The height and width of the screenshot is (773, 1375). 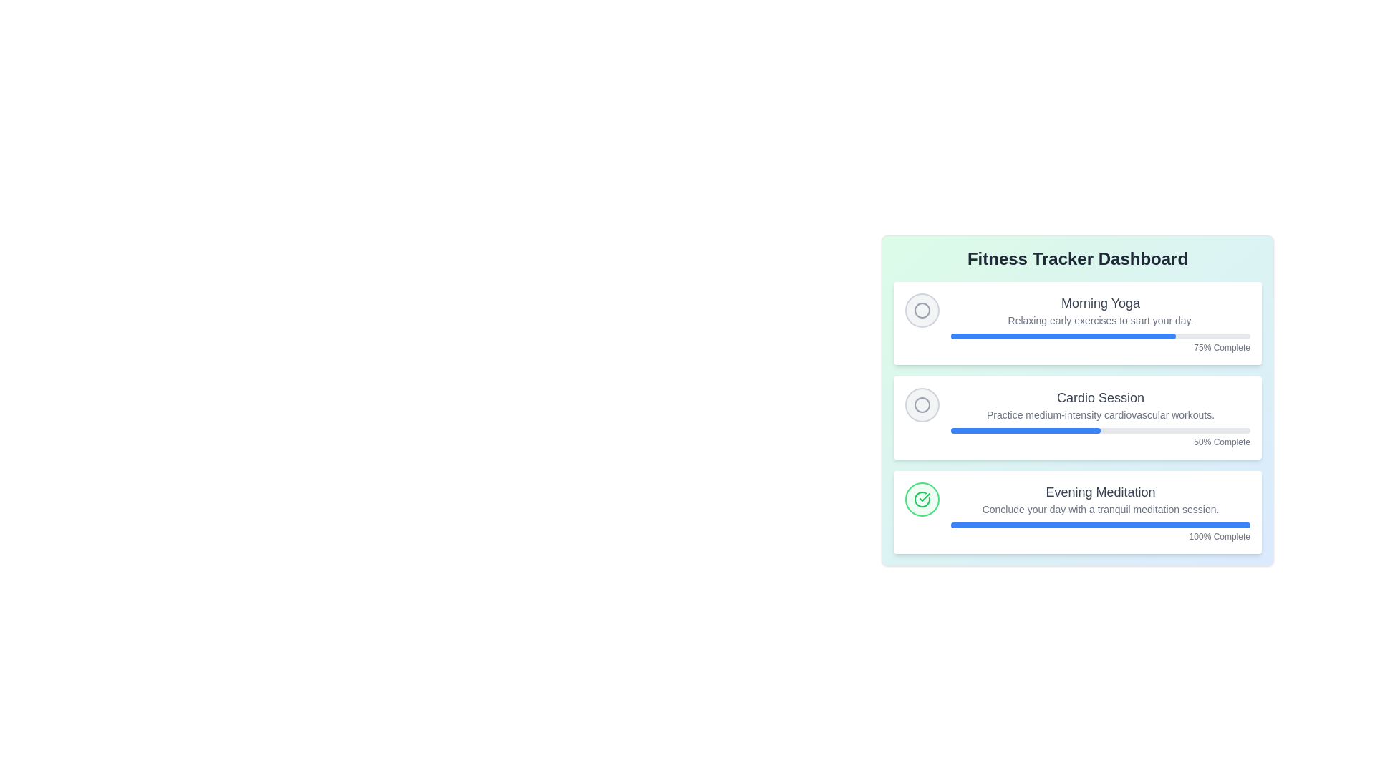 I want to click on the progress bar indicating 75% completion located in the 'Morning Yoga' section of the fitness tracker dashboard, so click(x=1099, y=336).